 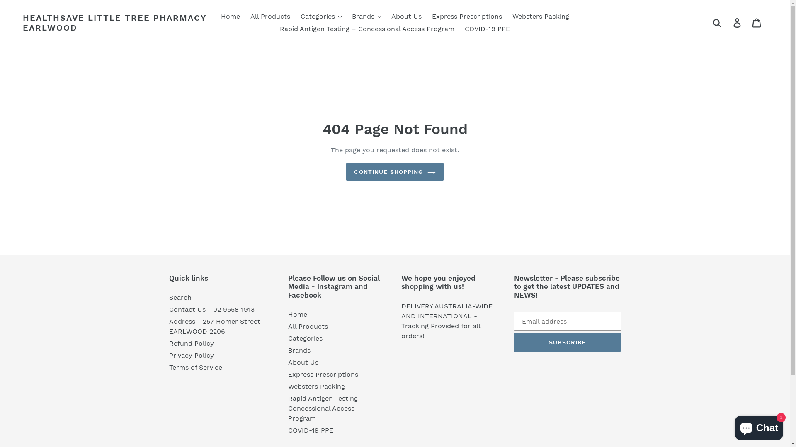 I want to click on 'Shopify online store chat', so click(x=759, y=426).